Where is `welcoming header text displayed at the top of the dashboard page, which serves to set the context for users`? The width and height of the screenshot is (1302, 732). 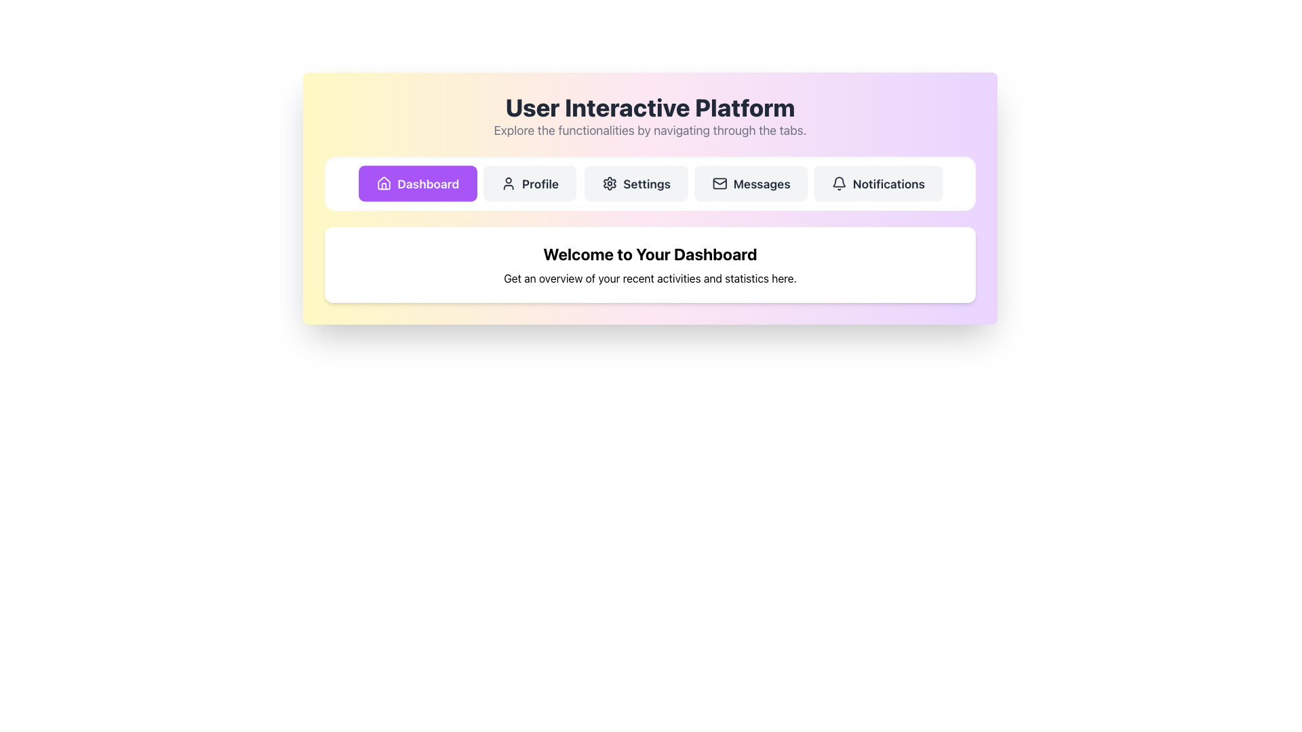 welcoming header text displayed at the top of the dashboard page, which serves to set the context for users is located at coordinates (650, 253).